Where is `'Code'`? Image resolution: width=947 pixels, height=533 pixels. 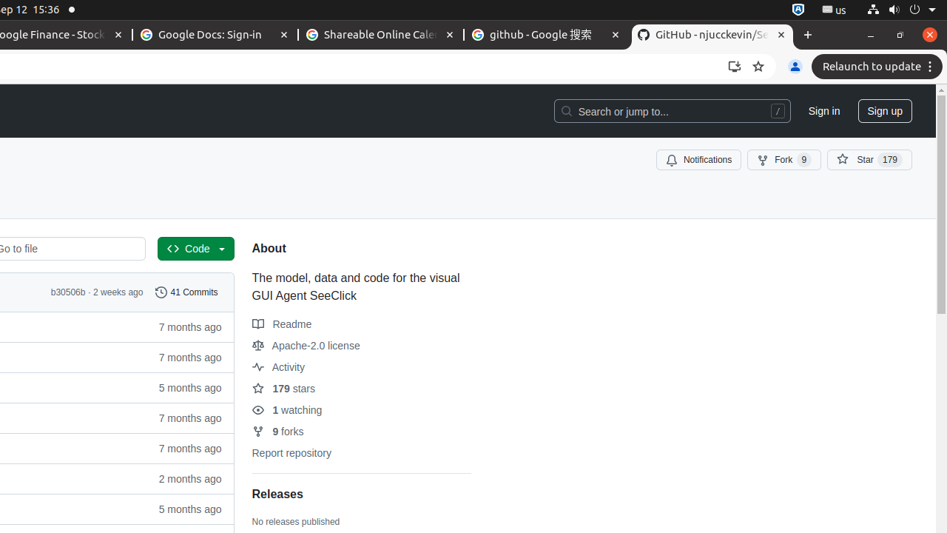 'Code' is located at coordinates (195, 248).